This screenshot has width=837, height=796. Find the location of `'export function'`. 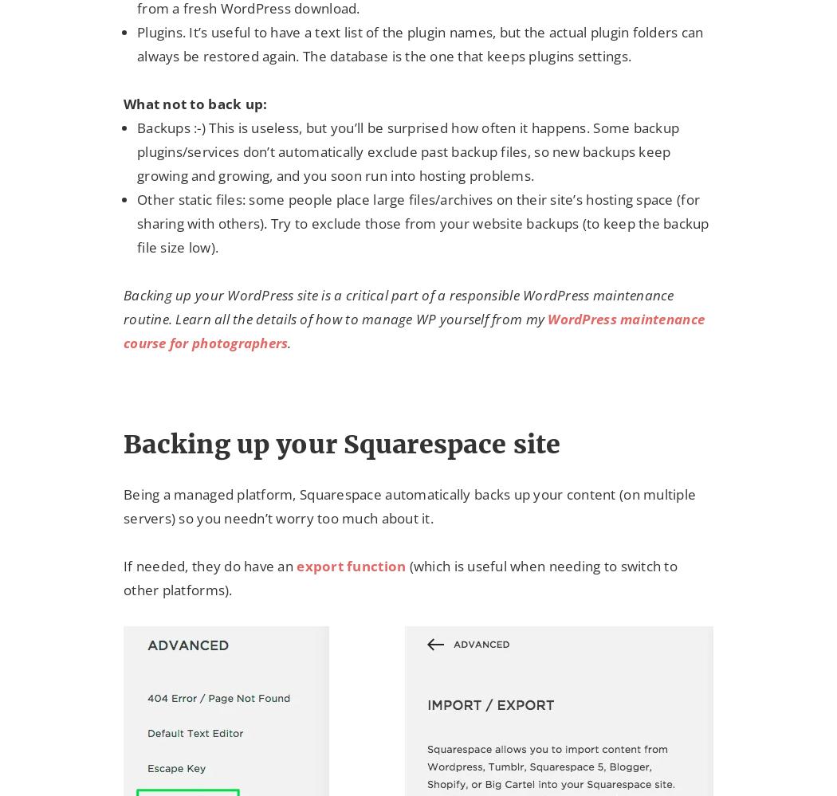

'export function' is located at coordinates (350, 565).